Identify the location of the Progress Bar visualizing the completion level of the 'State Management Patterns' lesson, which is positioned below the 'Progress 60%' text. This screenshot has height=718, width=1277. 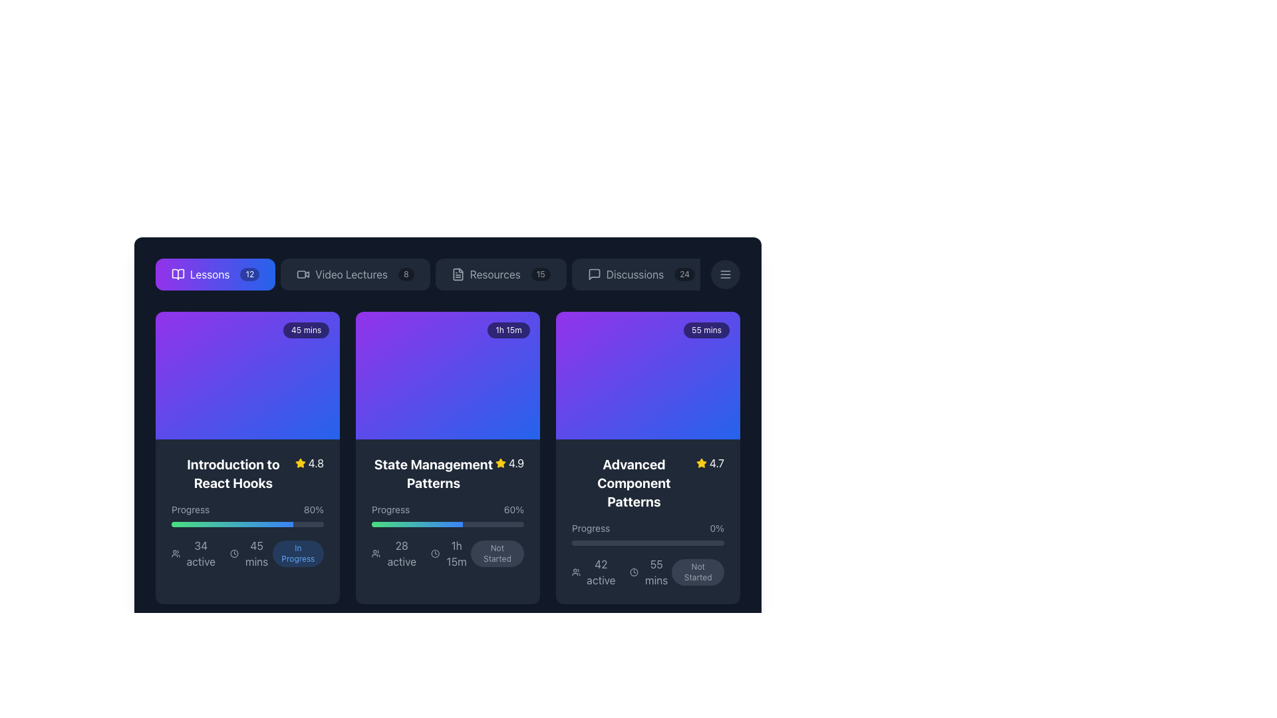
(448, 524).